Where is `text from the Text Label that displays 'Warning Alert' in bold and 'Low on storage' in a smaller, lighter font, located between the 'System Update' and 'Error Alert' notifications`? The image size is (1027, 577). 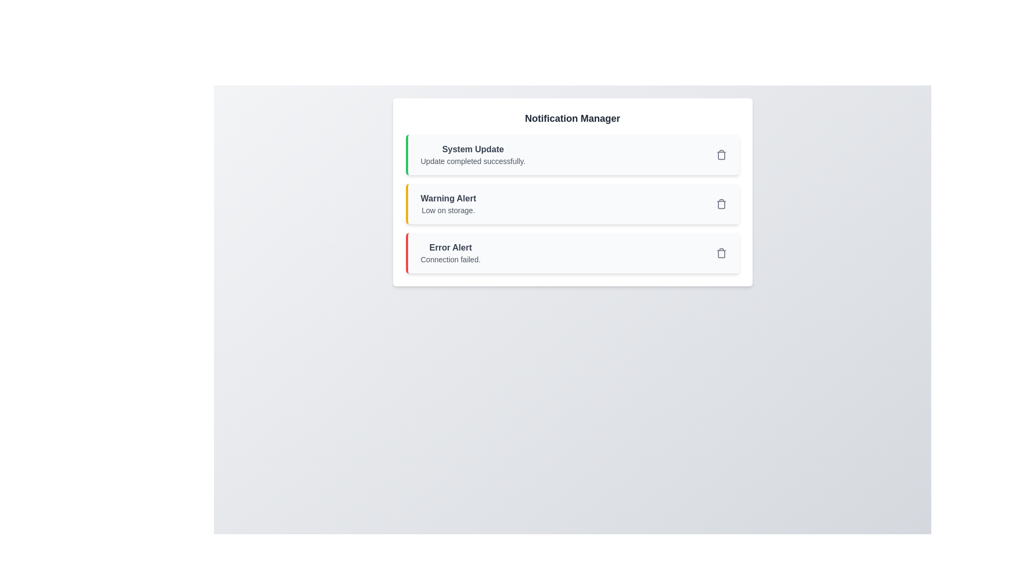
text from the Text Label that displays 'Warning Alert' in bold and 'Low on storage' in a smaller, lighter font, located between the 'System Update' and 'Error Alert' notifications is located at coordinates (448, 204).